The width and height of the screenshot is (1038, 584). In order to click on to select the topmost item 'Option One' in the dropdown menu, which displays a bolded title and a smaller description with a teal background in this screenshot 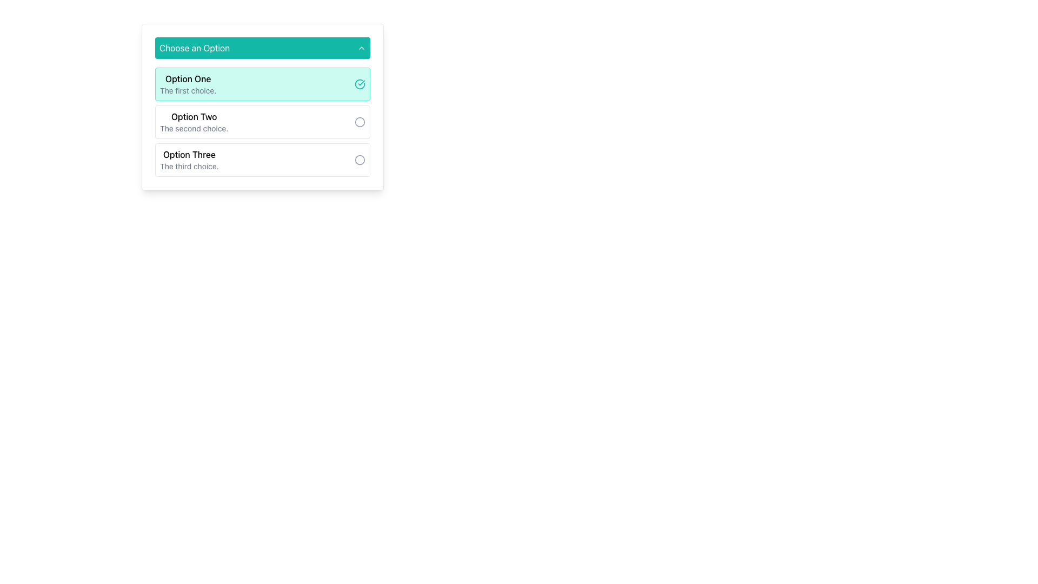, I will do `click(188, 83)`.